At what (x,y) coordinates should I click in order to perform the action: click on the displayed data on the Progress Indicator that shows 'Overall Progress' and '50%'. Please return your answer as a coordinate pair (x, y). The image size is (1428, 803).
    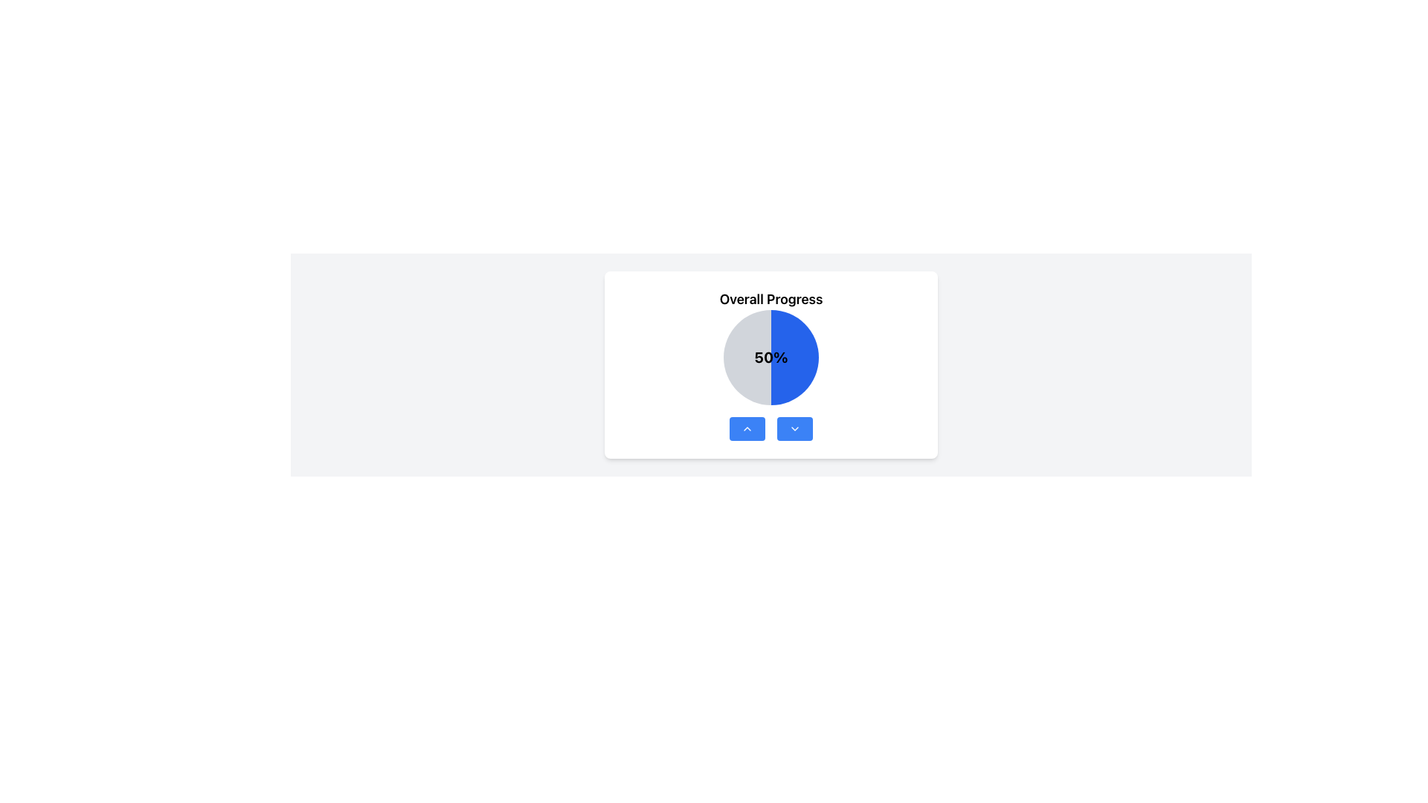
    Looking at the image, I should click on (771, 364).